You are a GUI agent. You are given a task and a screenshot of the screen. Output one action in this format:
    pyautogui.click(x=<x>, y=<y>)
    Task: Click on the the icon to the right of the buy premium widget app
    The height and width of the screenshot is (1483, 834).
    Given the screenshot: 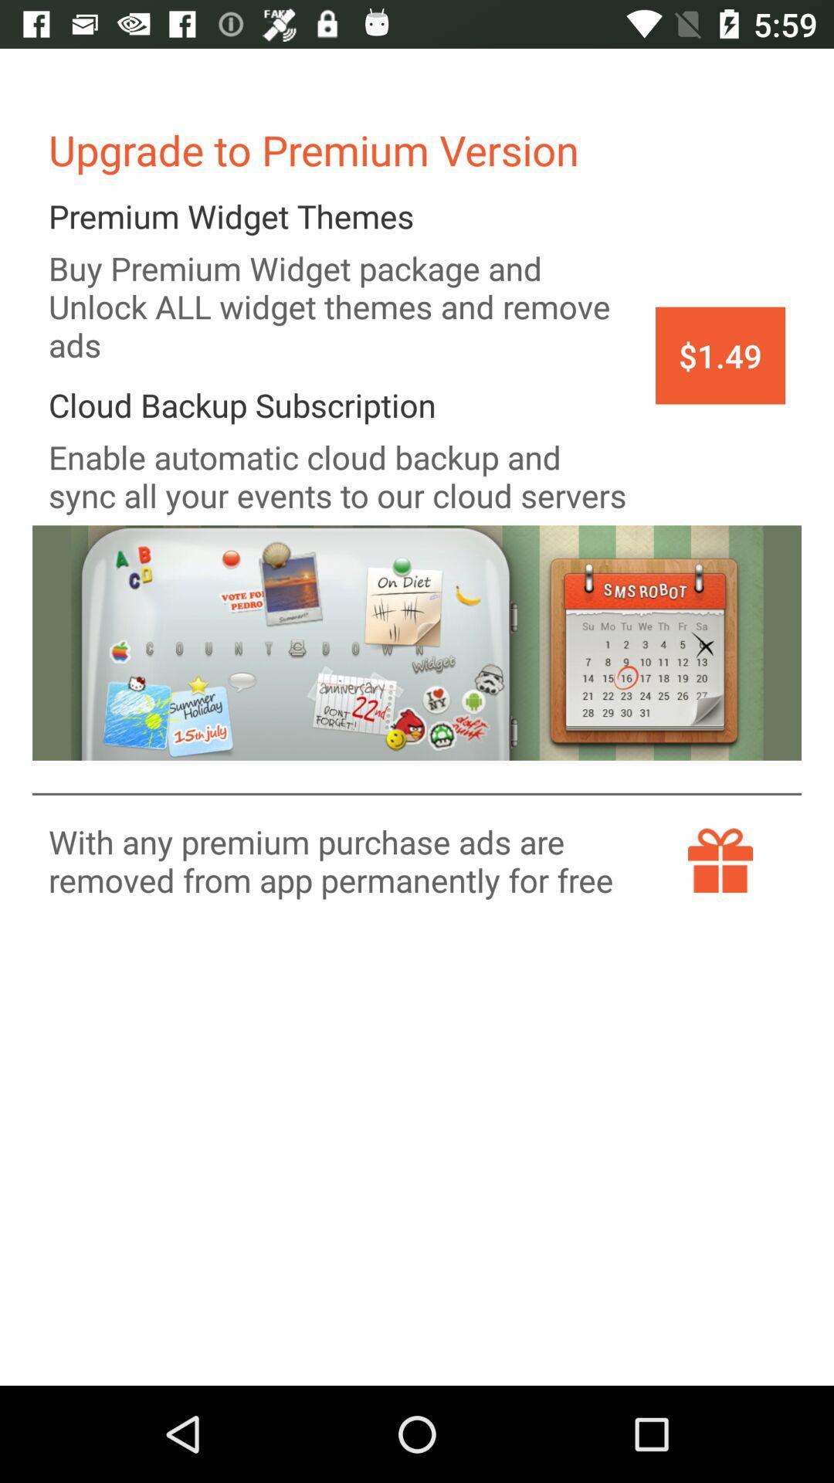 What is the action you would take?
    pyautogui.click(x=720, y=355)
    